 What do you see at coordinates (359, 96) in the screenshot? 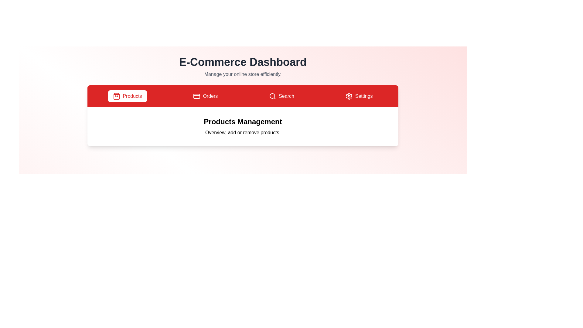
I see `the red 'Settings' button with a settings icon on the far right of the navigation bar` at bounding box center [359, 96].